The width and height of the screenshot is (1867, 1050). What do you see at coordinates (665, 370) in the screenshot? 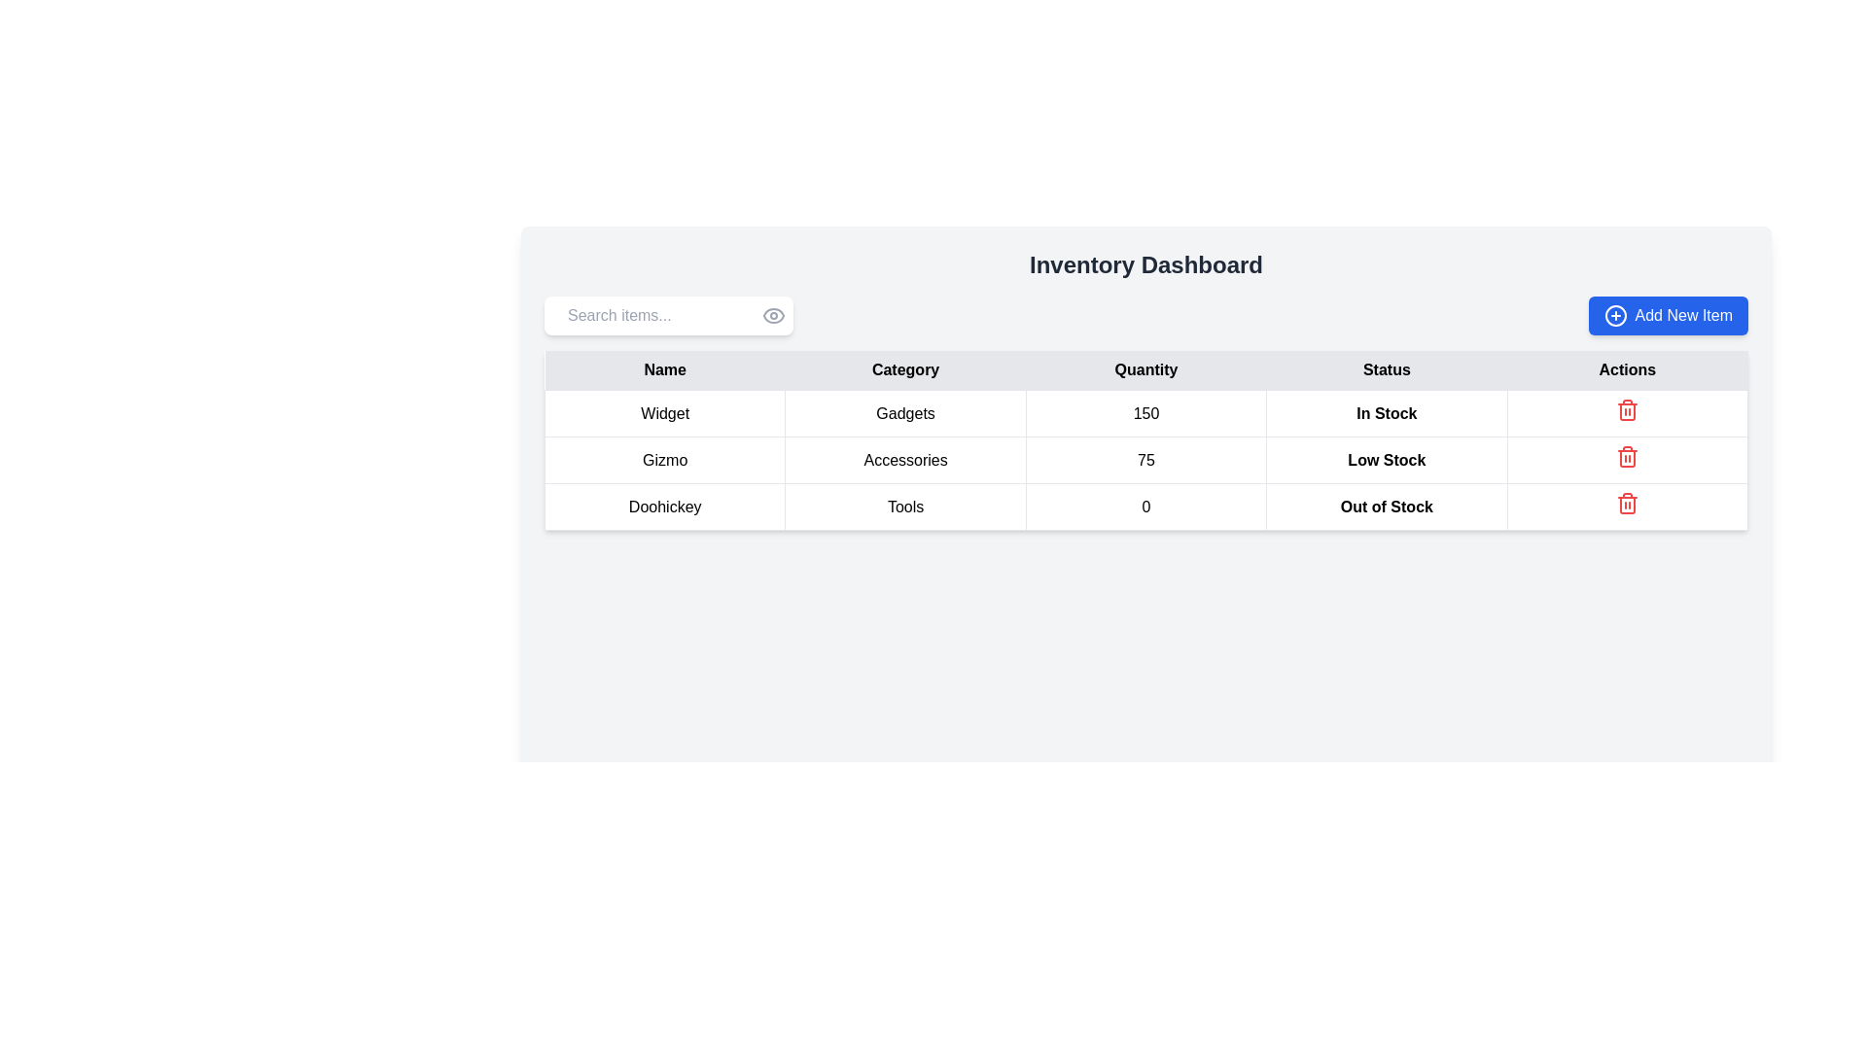
I see `the 'Name' text label, which is a medium-sized label in bold black font on a light gray background, located at the top-left of a table and the first in a sequence of headers` at bounding box center [665, 370].